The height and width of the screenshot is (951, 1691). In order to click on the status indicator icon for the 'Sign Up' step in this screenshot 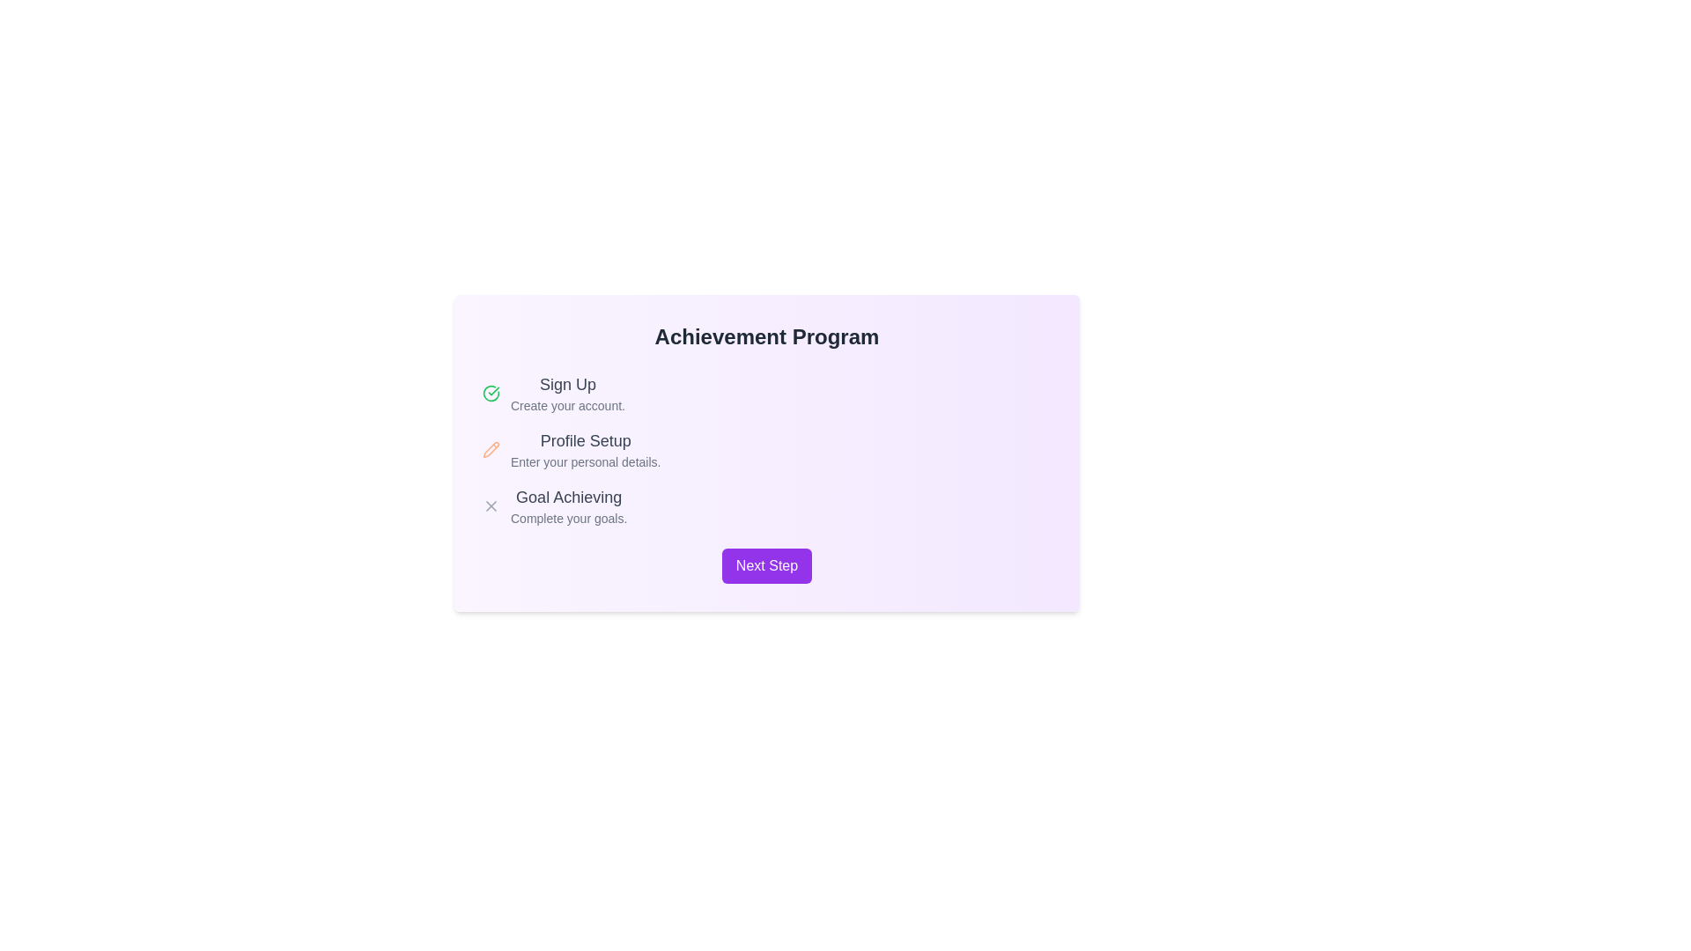, I will do `click(491, 393)`.